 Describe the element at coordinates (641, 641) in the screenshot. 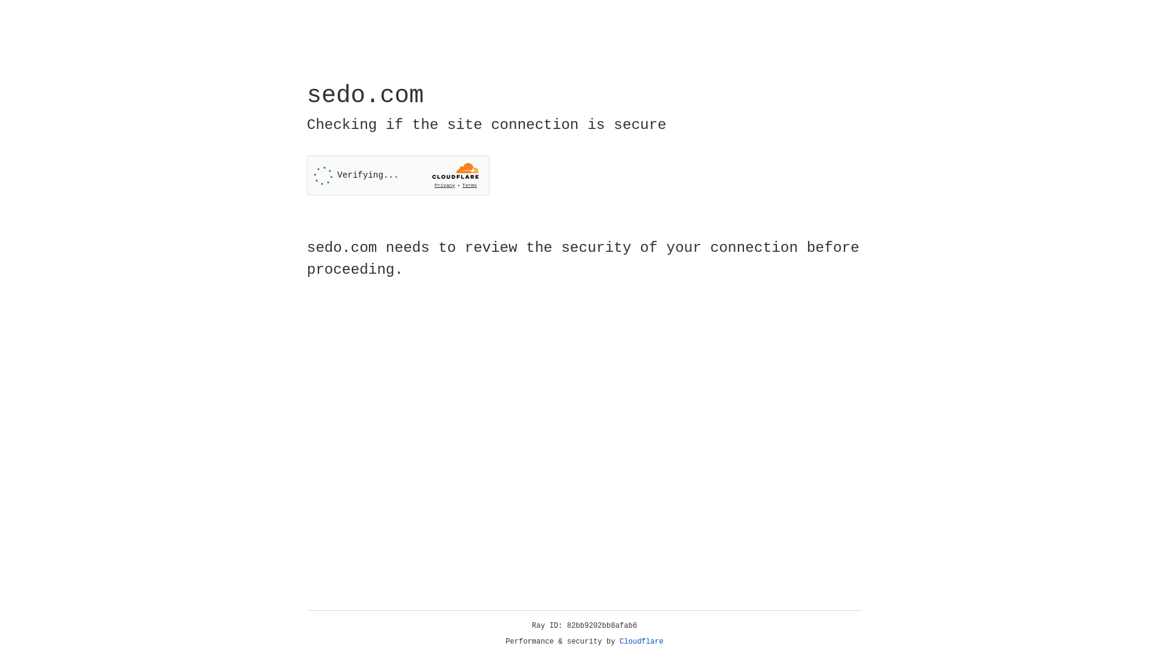

I see `'Cloudflare'` at that location.